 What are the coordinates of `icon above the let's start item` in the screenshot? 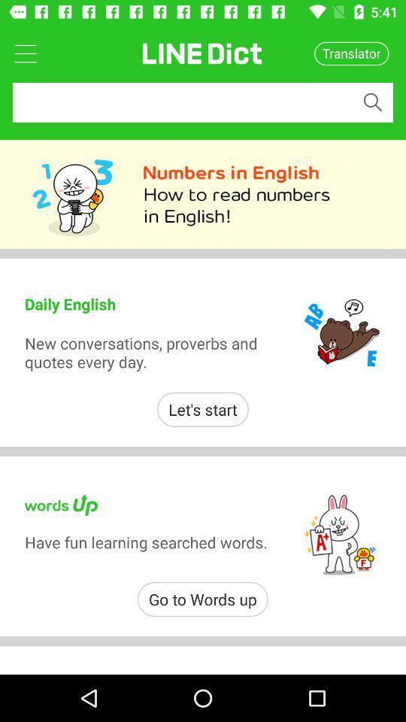 It's located at (148, 352).